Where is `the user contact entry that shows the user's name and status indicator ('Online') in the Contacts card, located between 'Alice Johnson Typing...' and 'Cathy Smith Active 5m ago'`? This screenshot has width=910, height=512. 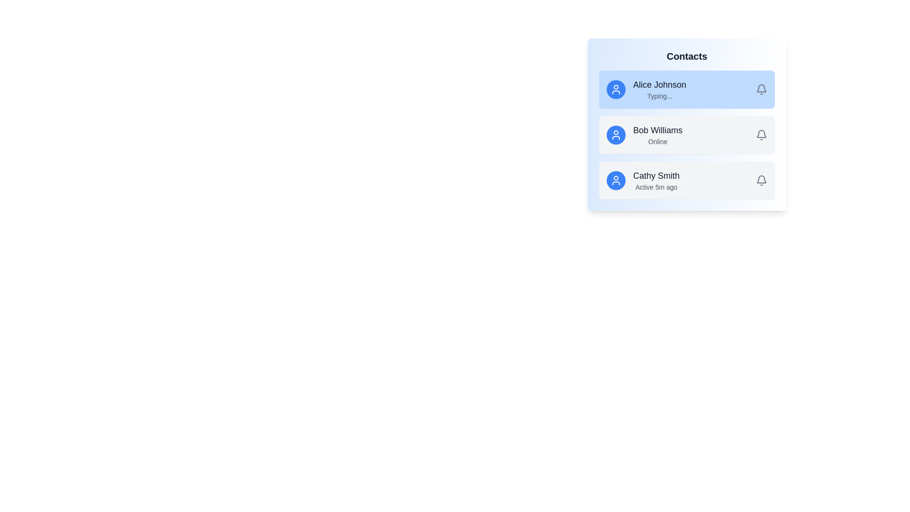 the user contact entry that shows the user's name and status indicator ('Online') in the Contacts card, located between 'Alice Johnson Typing...' and 'Cathy Smith Active 5m ago' is located at coordinates (687, 135).